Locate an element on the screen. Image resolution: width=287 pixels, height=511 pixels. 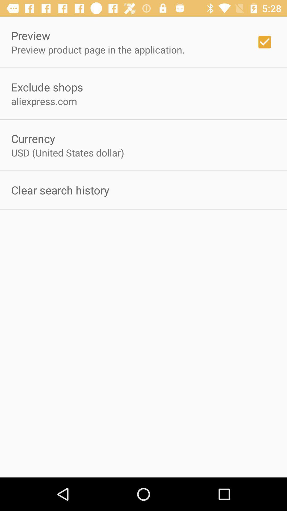
the item above the usd united states icon is located at coordinates (33, 138).